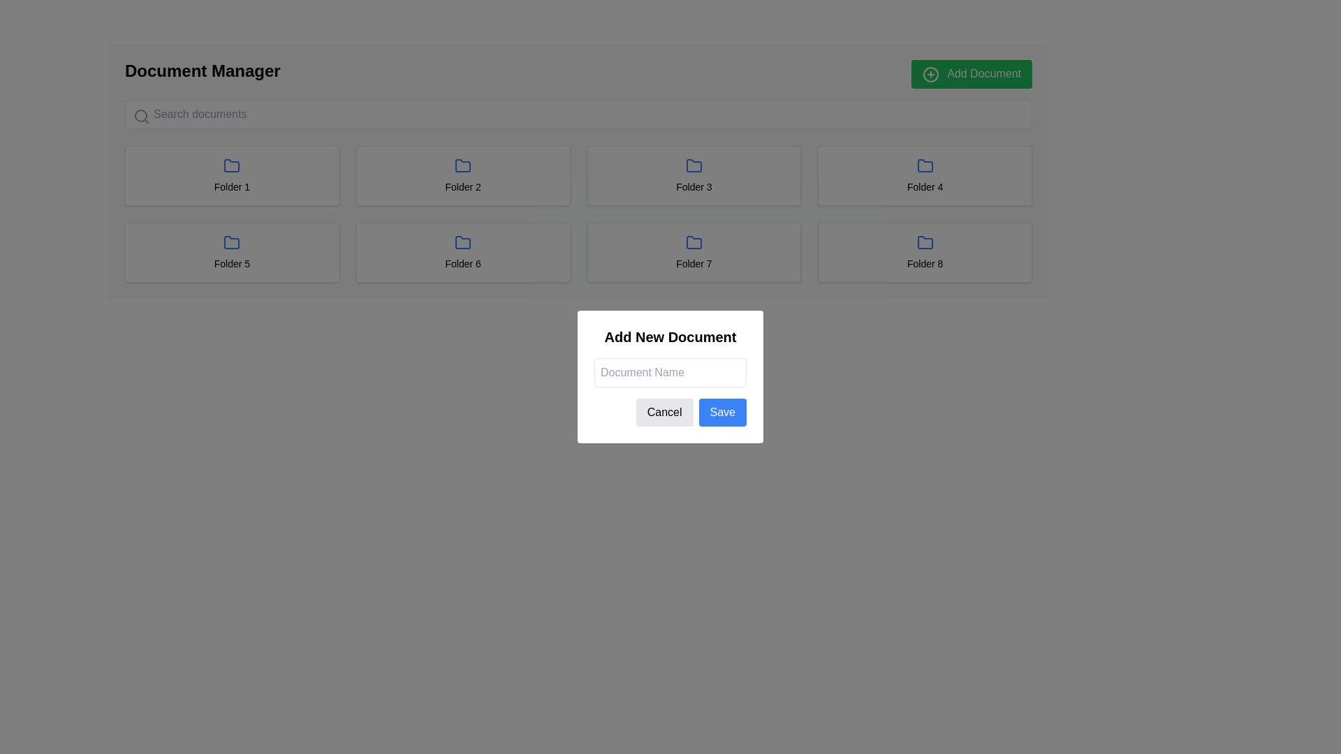  What do you see at coordinates (925, 186) in the screenshot?
I see `text content of the label describing 'Folder 4', which is located in the upper-right quadrant of the interface, directly beneath a blue folder icon` at bounding box center [925, 186].